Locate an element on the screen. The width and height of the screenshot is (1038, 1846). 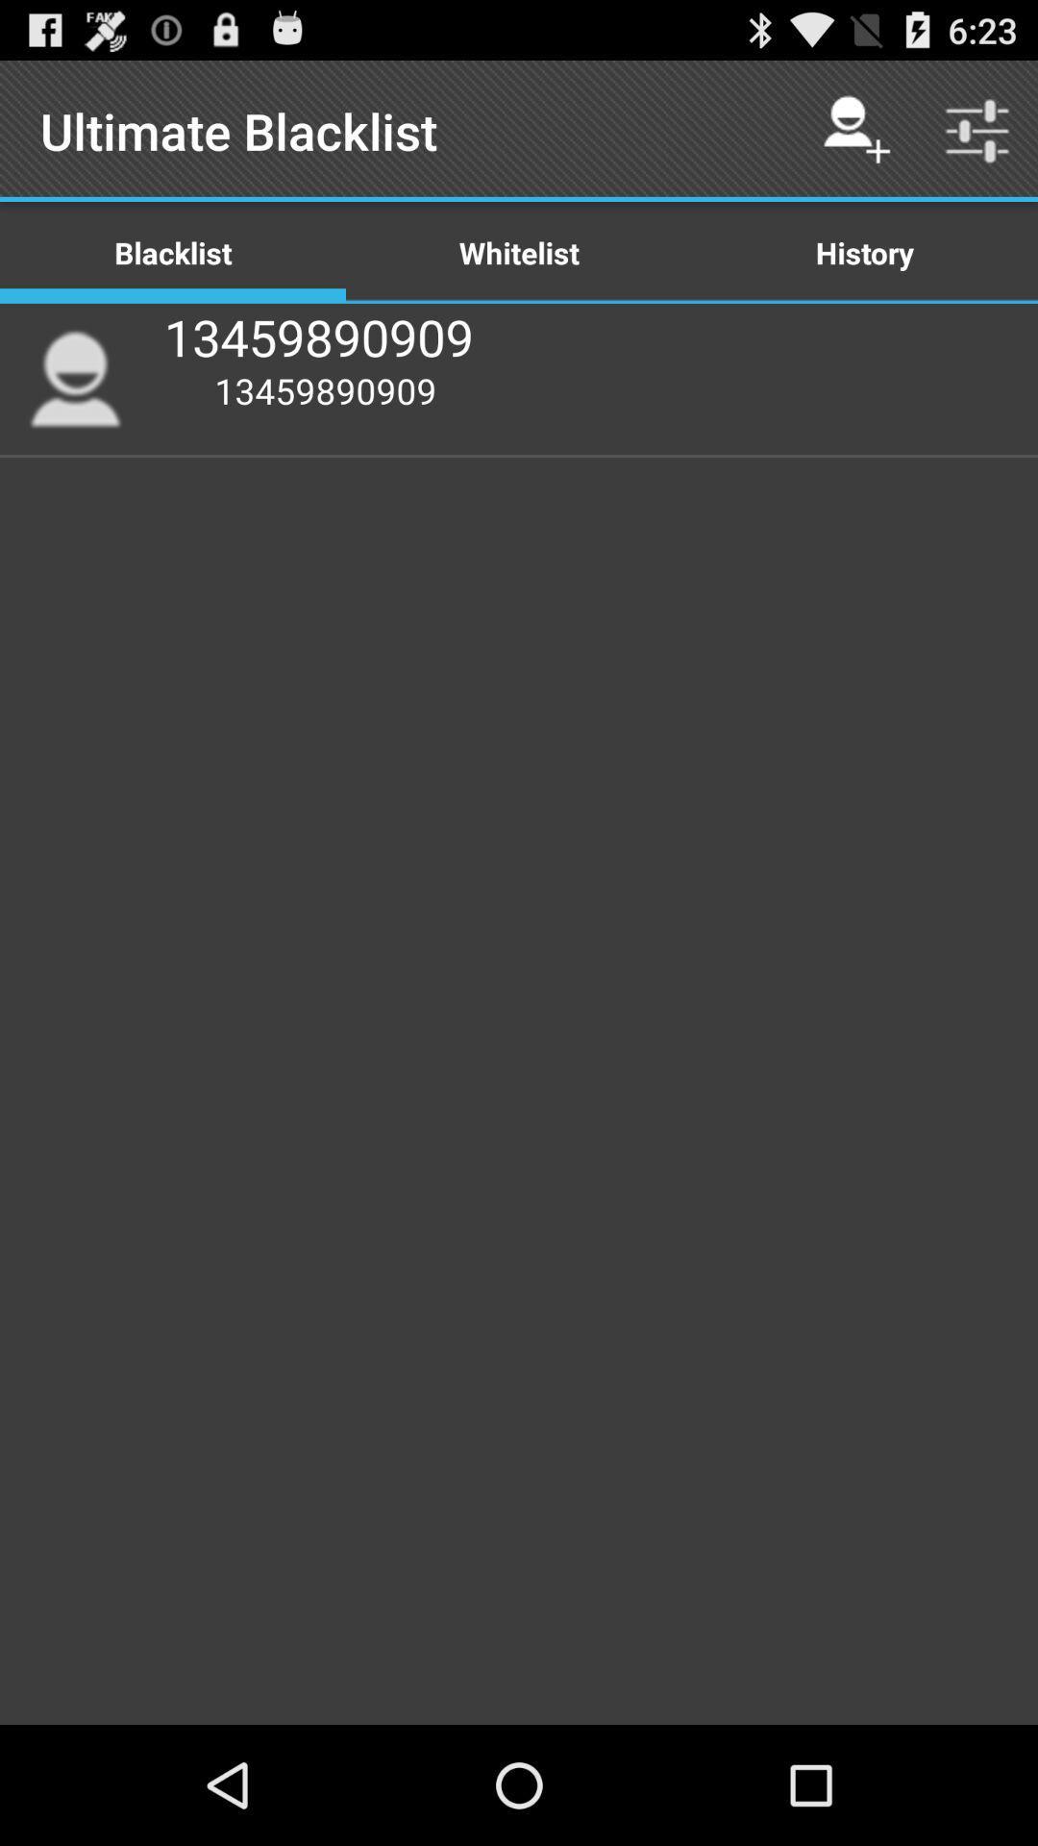
the icon next to 13459890909 item is located at coordinates (74, 379).